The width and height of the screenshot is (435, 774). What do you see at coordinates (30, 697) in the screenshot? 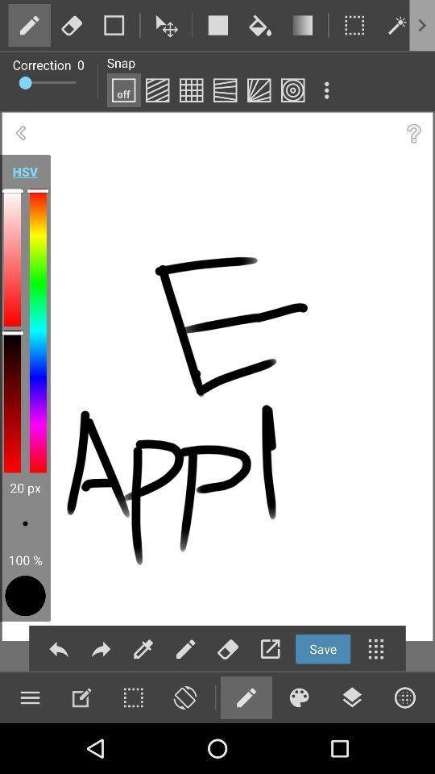
I see `open menu` at bounding box center [30, 697].